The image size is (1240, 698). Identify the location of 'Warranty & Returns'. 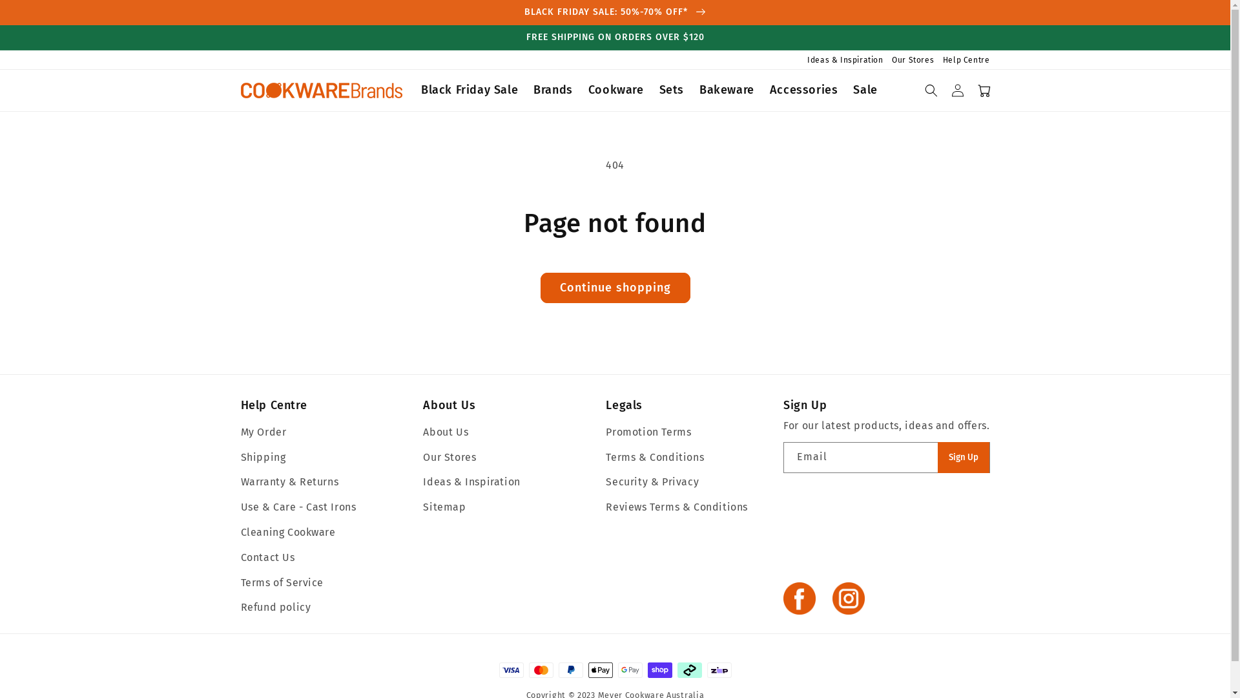
(288, 482).